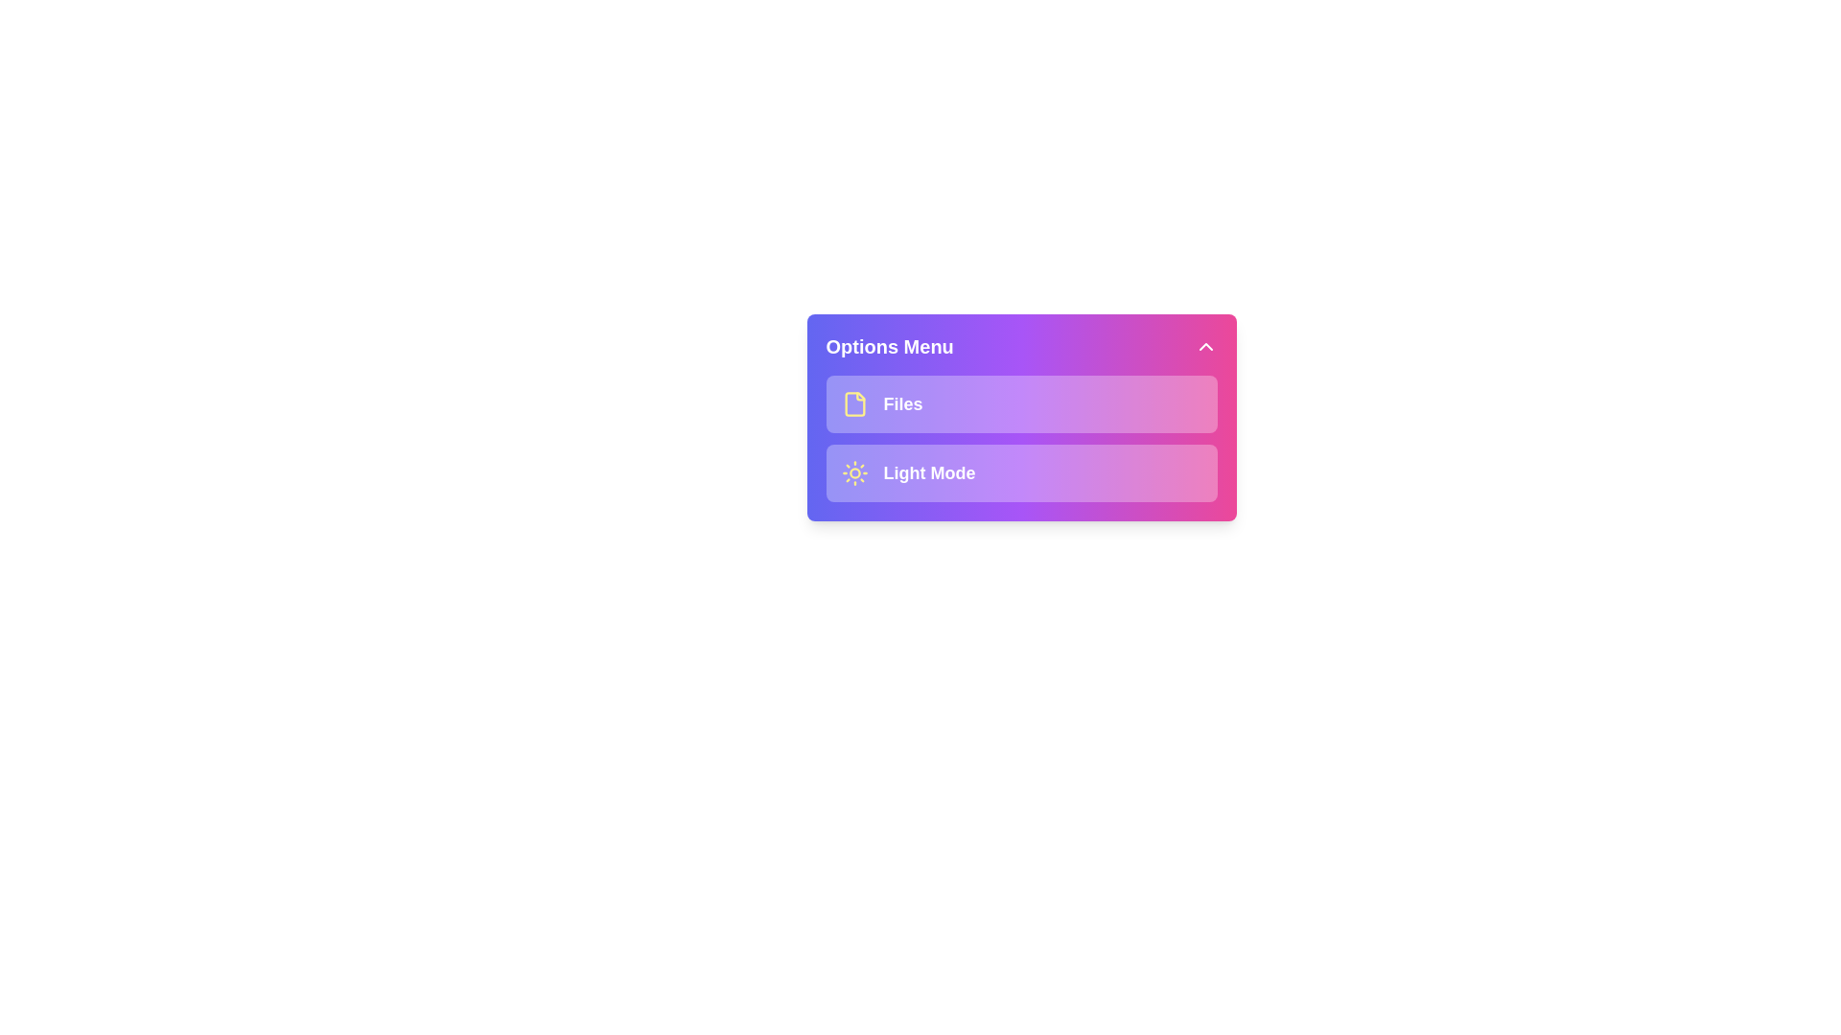  Describe the element at coordinates (1204, 347) in the screenshot. I see `chevron button to toggle the menu's visibility` at that location.